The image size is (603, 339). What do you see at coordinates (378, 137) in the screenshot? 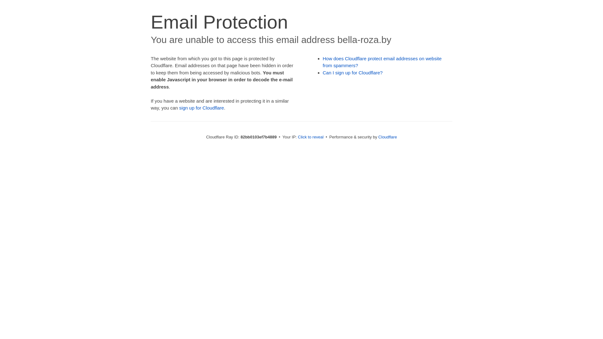
I see `'Cloudflare'` at bounding box center [378, 137].